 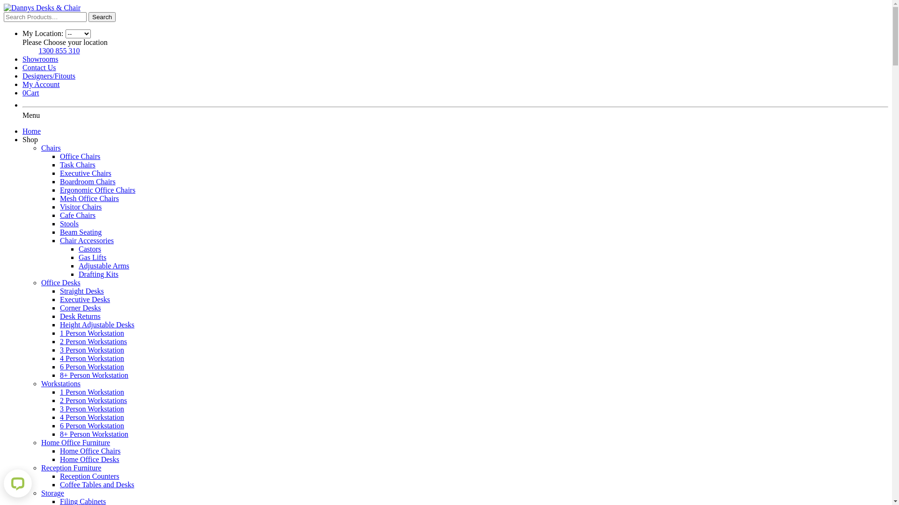 What do you see at coordinates (79, 257) in the screenshot?
I see `'Gas Lifts'` at bounding box center [79, 257].